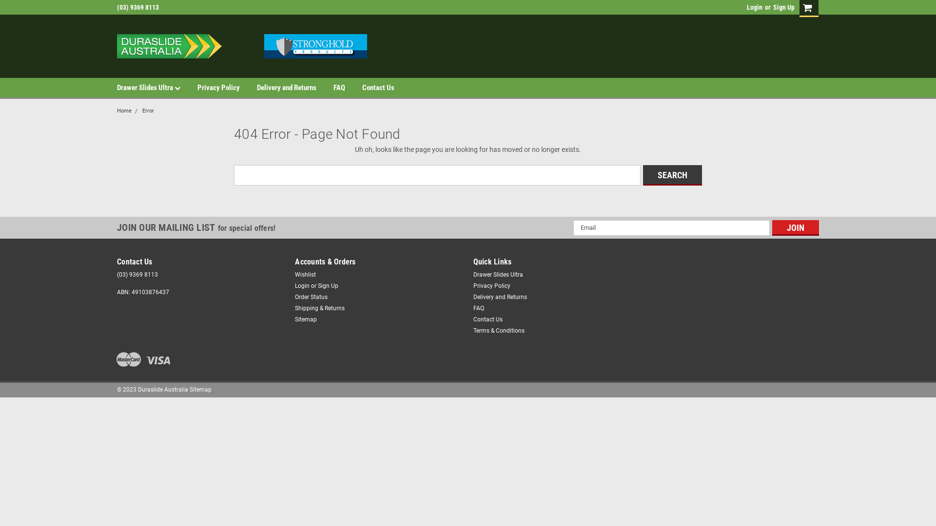  I want to click on 'Join', so click(796, 227).